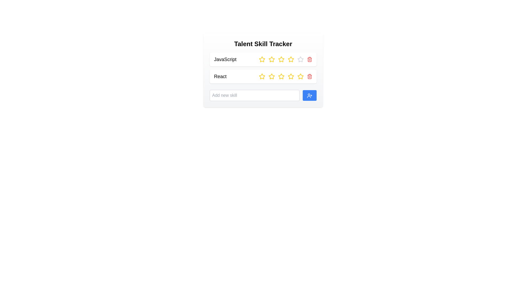 Image resolution: width=513 pixels, height=288 pixels. I want to click on the yellow star icons in the Rating interface located in the second row under the 'React' skill label to modify the rating, so click(285, 76).